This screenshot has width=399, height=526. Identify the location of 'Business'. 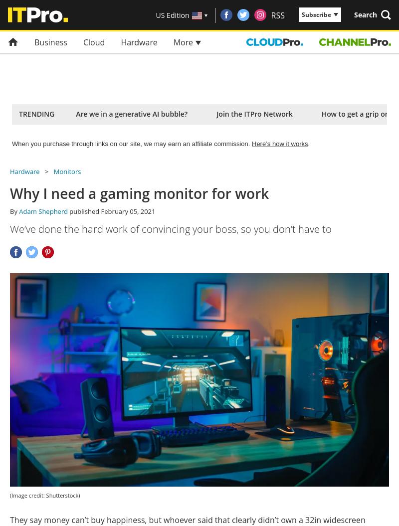
(34, 42).